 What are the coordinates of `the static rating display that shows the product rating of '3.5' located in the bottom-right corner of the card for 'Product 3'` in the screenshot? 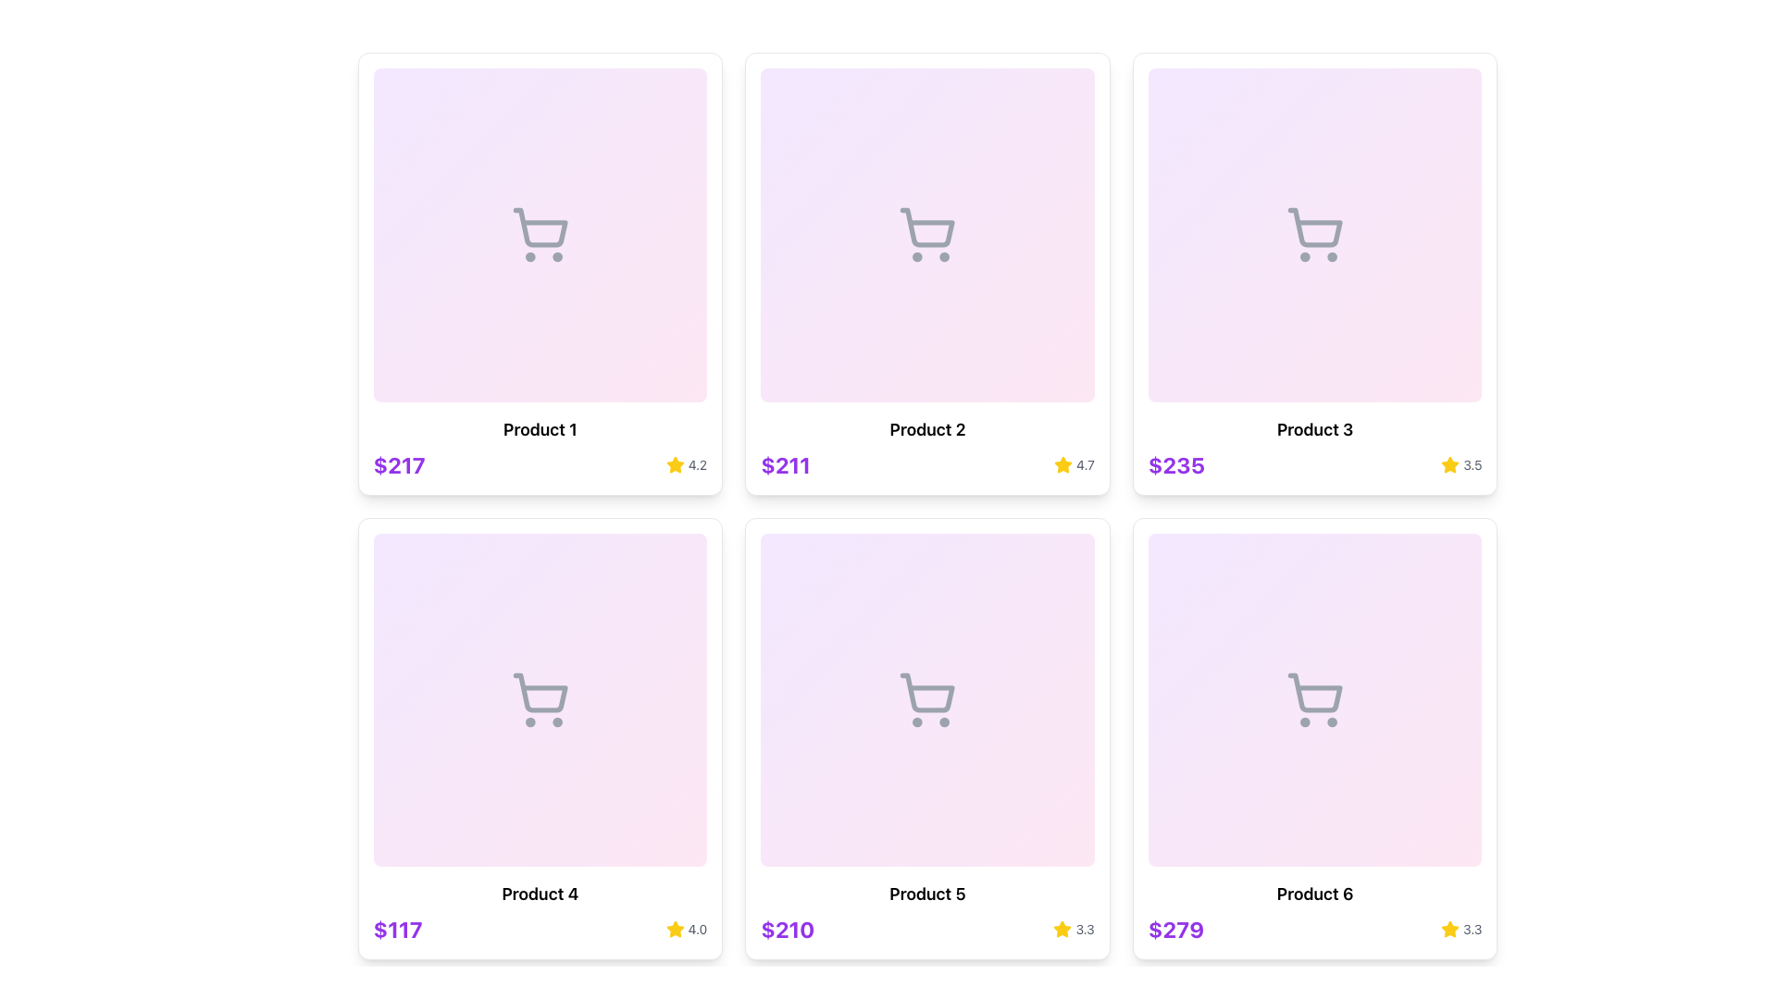 It's located at (1460, 463).